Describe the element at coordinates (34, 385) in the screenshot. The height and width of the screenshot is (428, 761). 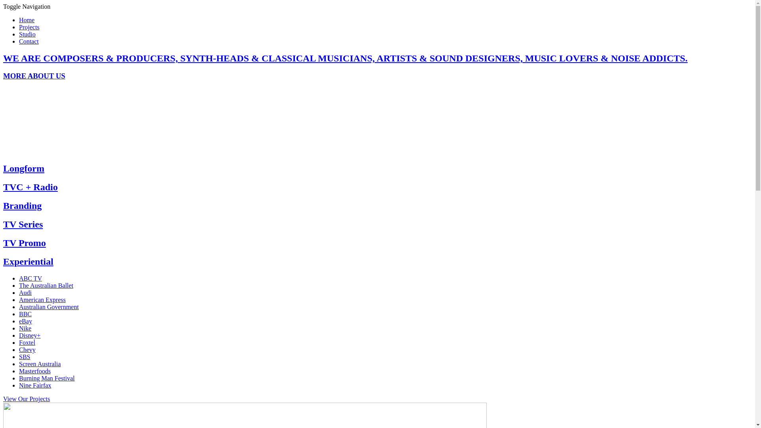
I see `'Nine Fairfax'` at that location.